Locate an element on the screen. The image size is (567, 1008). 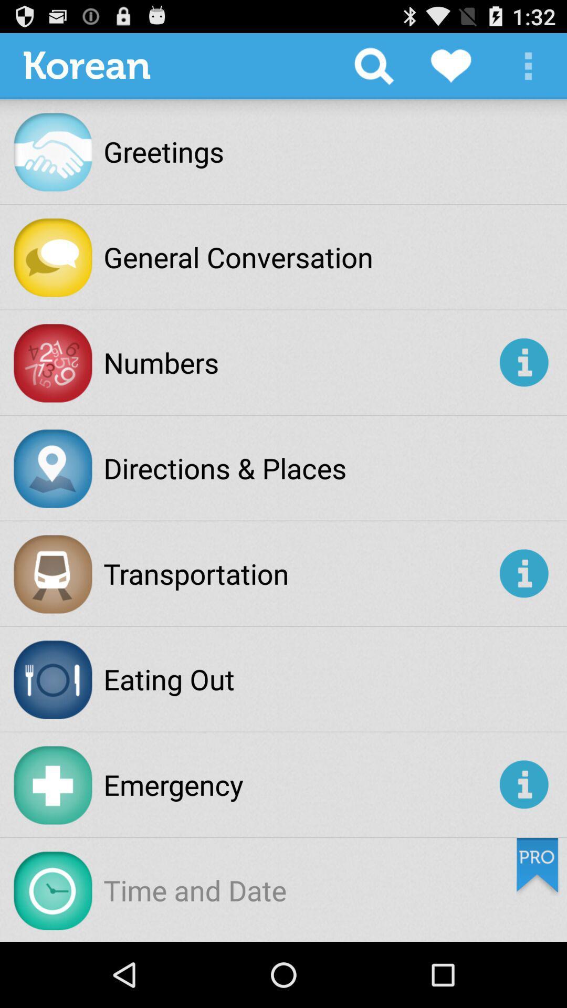
emergency icon is located at coordinates (299, 784).